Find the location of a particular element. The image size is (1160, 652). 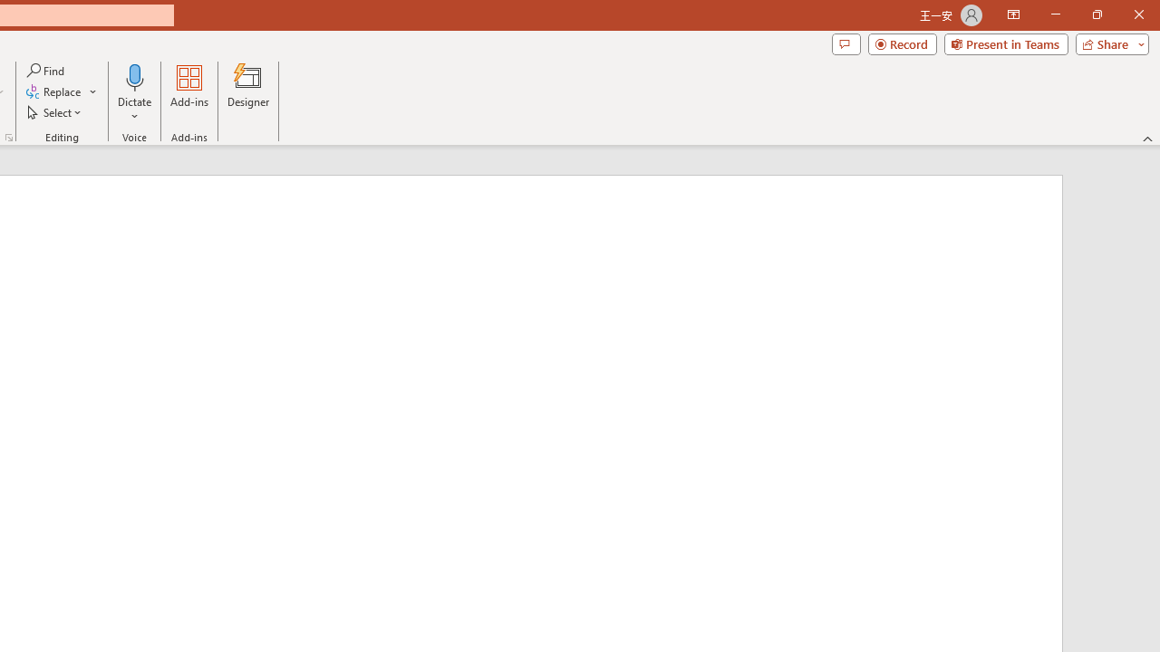

'Dictate' is located at coordinates (134, 93).